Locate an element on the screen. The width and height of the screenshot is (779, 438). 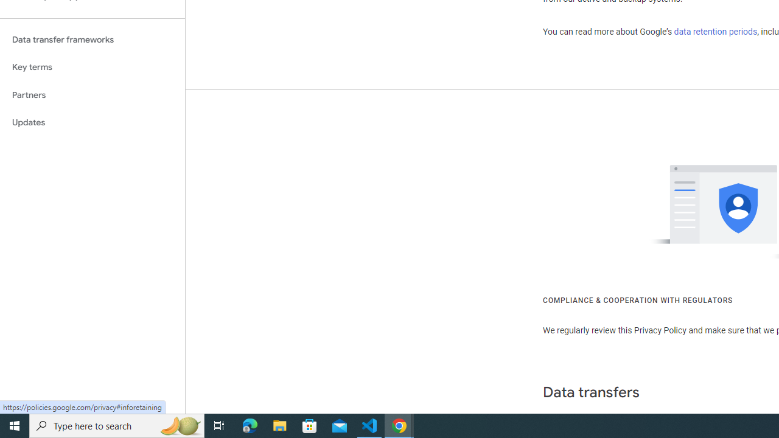
'Key terms' is located at coordinates (92, 67).